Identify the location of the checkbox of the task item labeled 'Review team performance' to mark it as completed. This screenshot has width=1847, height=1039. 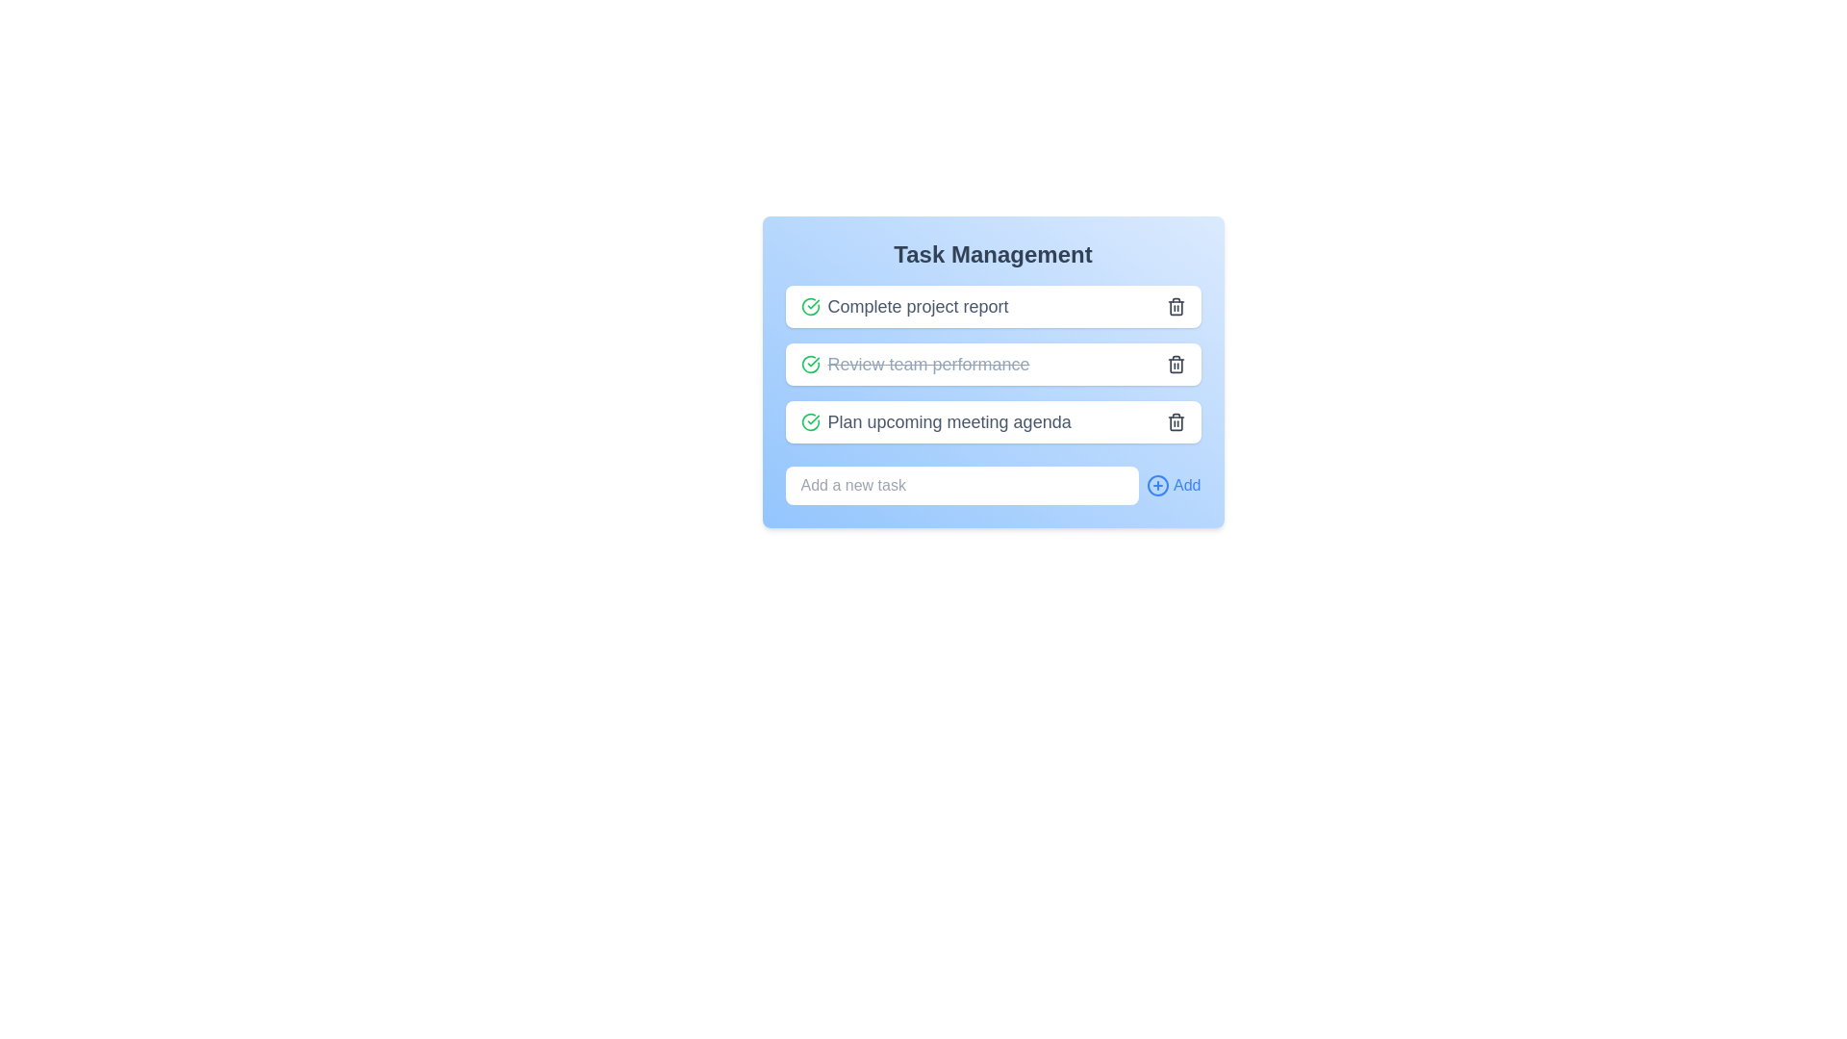
(993, 371).